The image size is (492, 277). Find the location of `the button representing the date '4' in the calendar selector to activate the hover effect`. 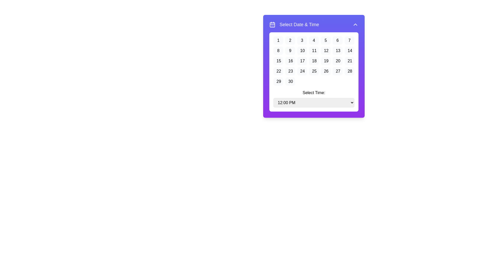

the button representing the date '4' in the calendar selector to activate the hover effect is located at coordinates (313, 40).